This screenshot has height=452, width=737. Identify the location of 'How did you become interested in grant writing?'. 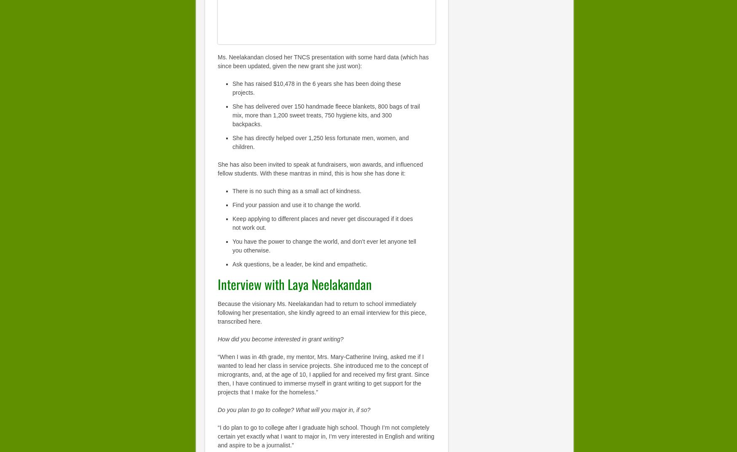
(280, 339).